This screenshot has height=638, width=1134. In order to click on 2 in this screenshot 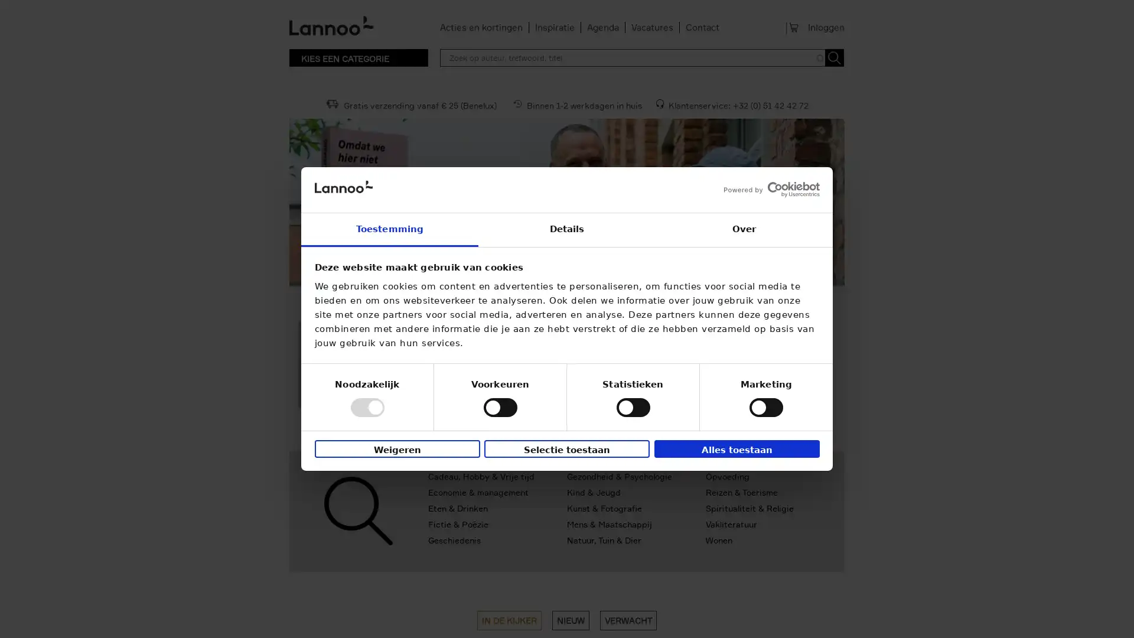, I will do `click(558, 274)`.